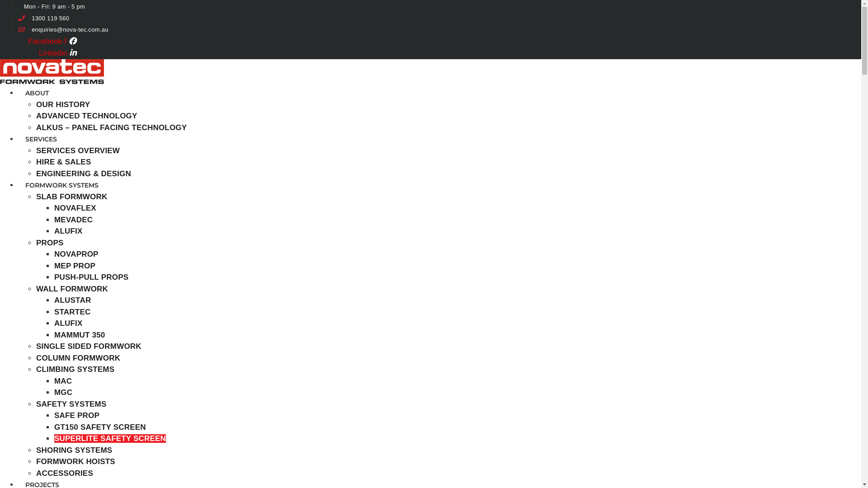 This screenshot has width=868, height=488. Describe the element at coordinates (73, 220) in the screenshot. I see `'MEVADEC'` at that location.